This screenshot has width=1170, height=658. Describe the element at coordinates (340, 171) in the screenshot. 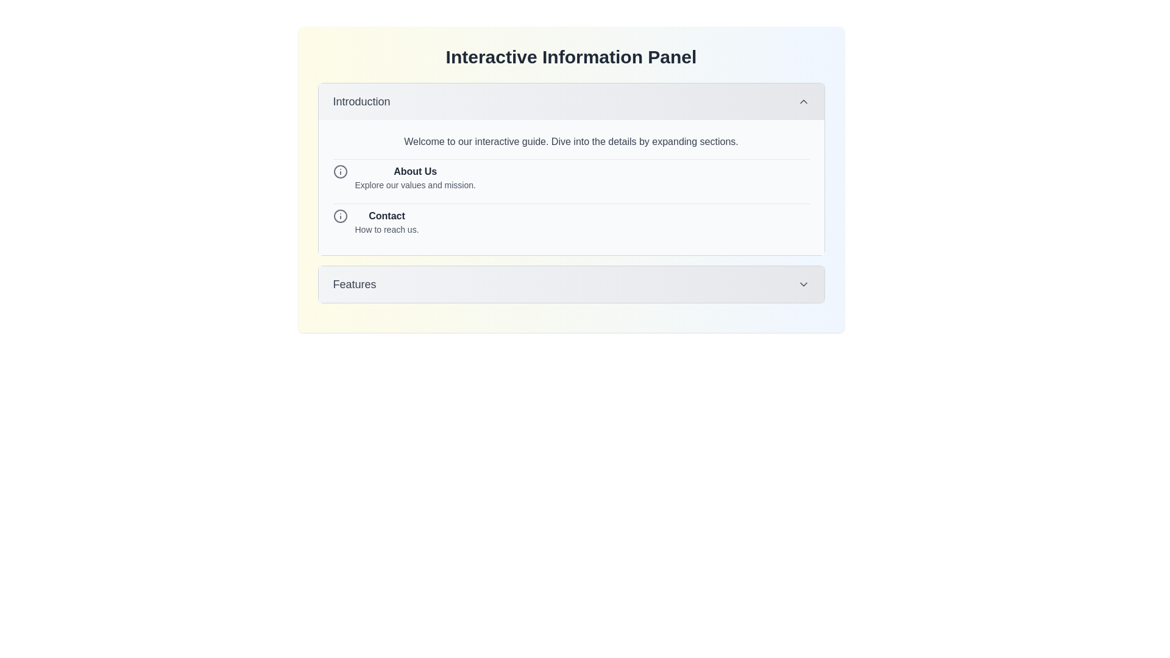

I see `the informational icon located to the left of the 'About Us' text in the 'Introduction' panel` at that location.